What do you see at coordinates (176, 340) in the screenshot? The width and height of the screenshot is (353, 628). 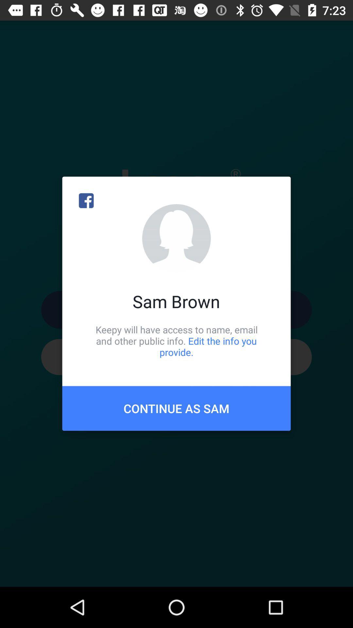 I see `keepy will have icon` at bounding box center [176, 340].